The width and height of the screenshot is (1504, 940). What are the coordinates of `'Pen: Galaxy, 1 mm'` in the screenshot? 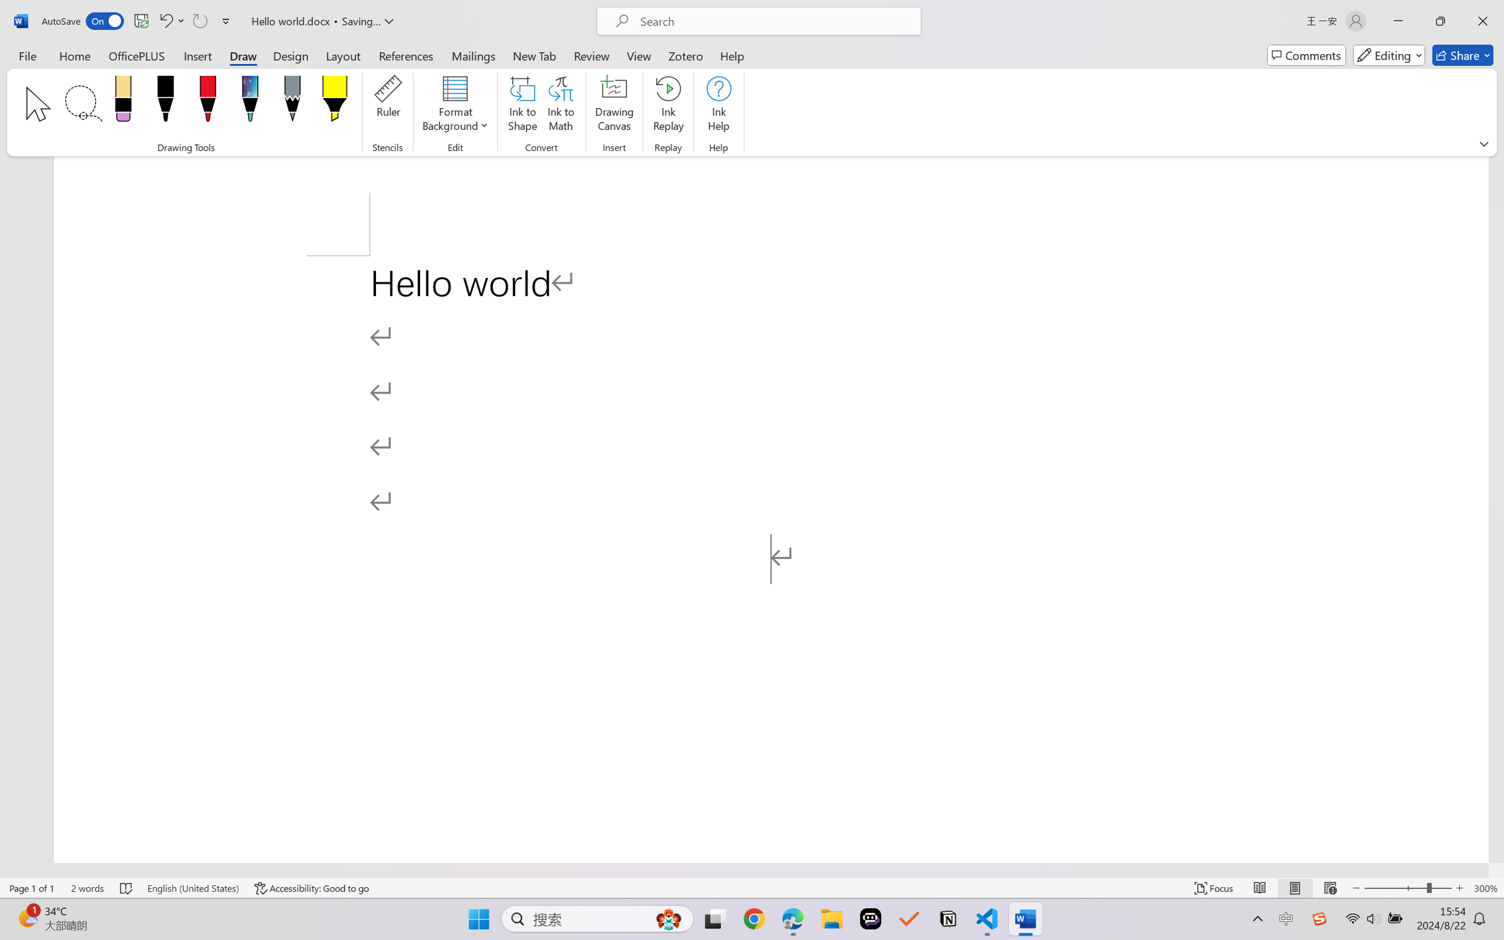 It's located at (249, 101).